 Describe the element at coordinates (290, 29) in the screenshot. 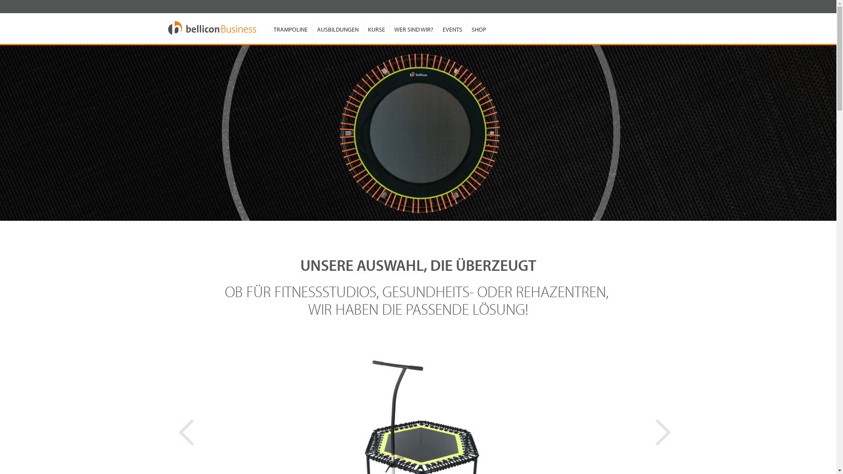

I see `'TRAMPOLINE'` at that location.